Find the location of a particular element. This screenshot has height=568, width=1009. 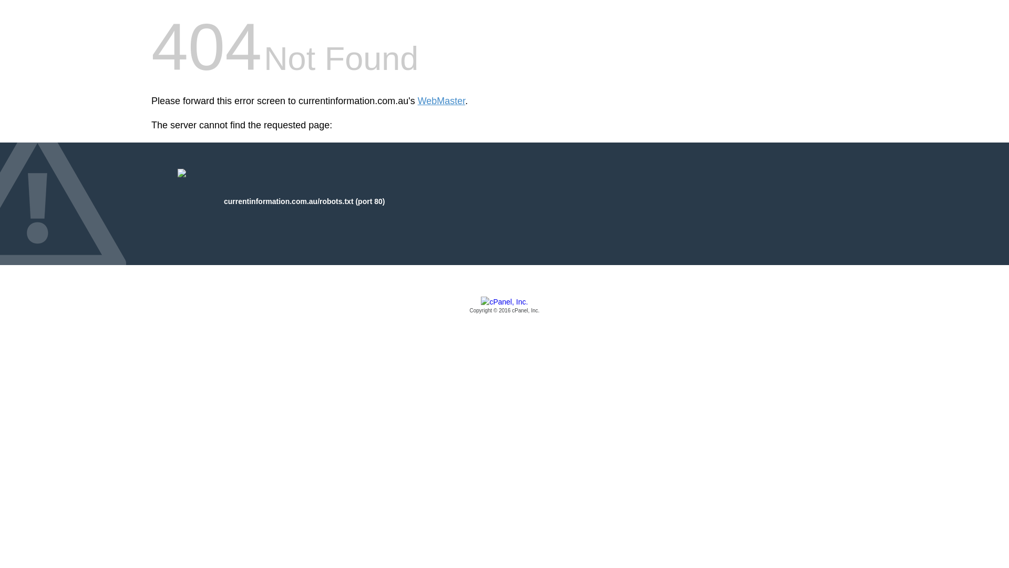

'WebMaster' is located at coordinates (441, 101).